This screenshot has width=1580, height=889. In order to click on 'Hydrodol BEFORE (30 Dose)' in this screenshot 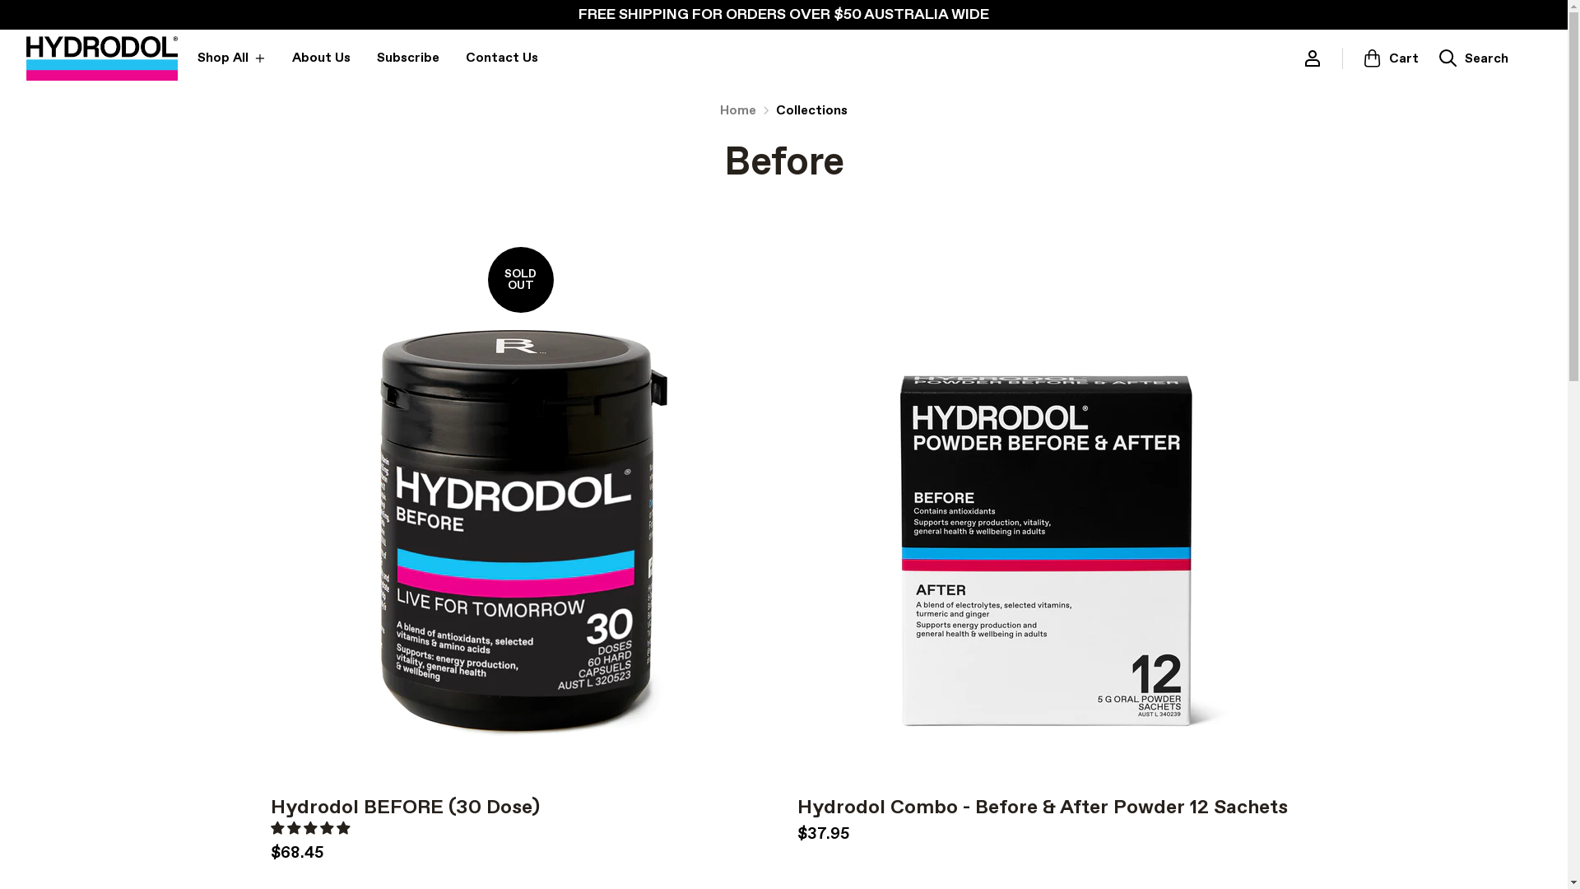, I will do `click(269, 806)`.